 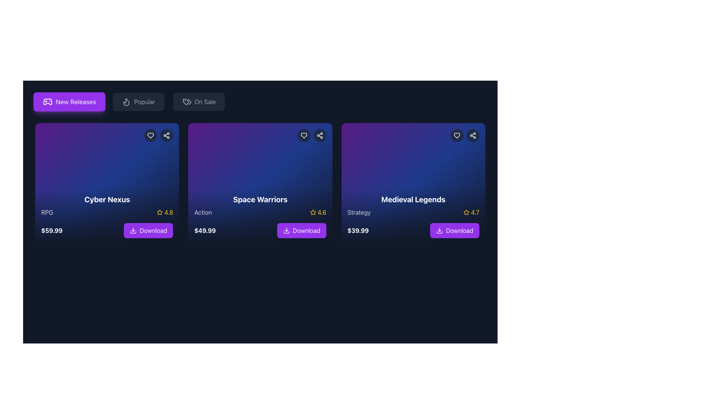 What do you see at coordinates (456, 135) in the screenshot?
I see `the heart outline icon in the upper-right corner of the 'Medieval Legends' game card to mark it as liked or favorited` at bounding box center [456, 135].